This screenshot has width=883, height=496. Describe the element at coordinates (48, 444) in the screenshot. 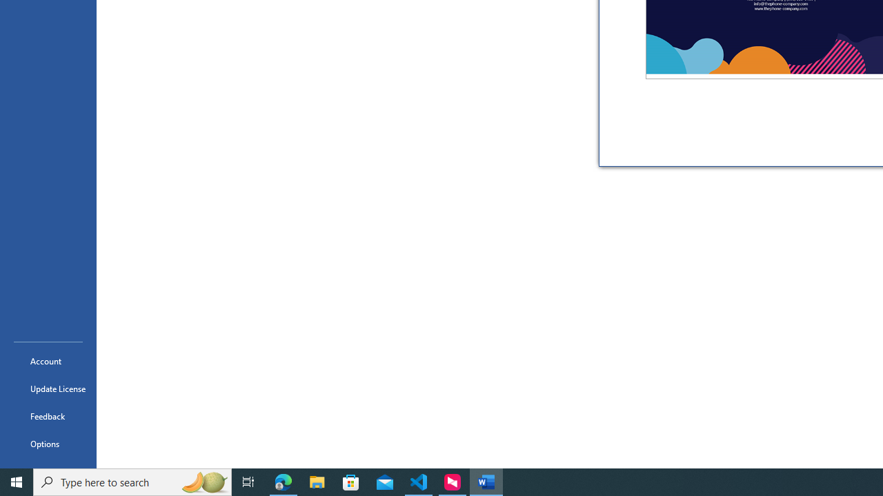

I see `'Options'` at that location.